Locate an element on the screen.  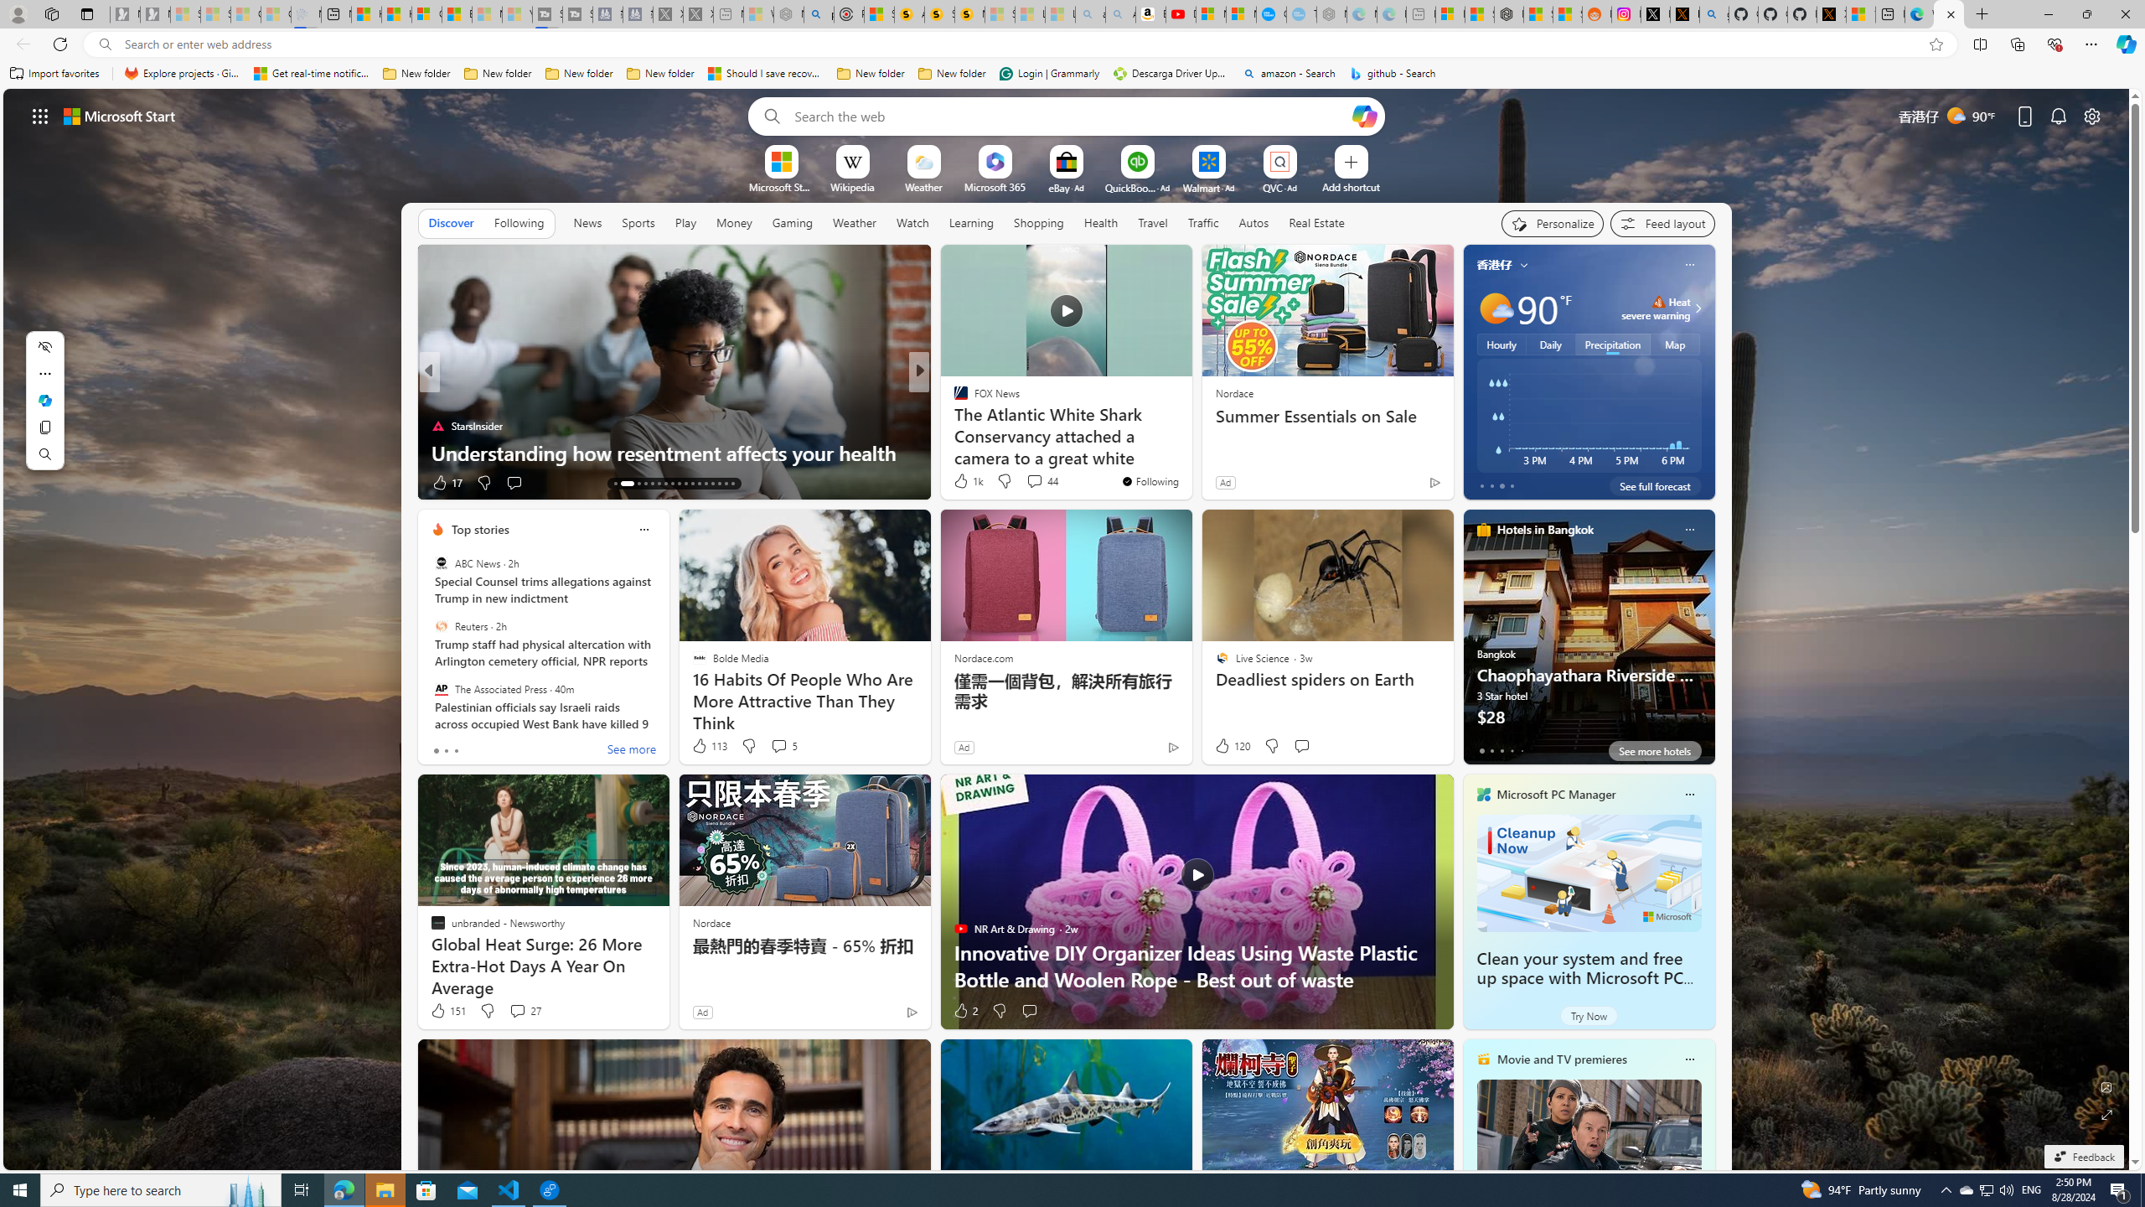
'tab-0' is located at coordinates (1480, 750).